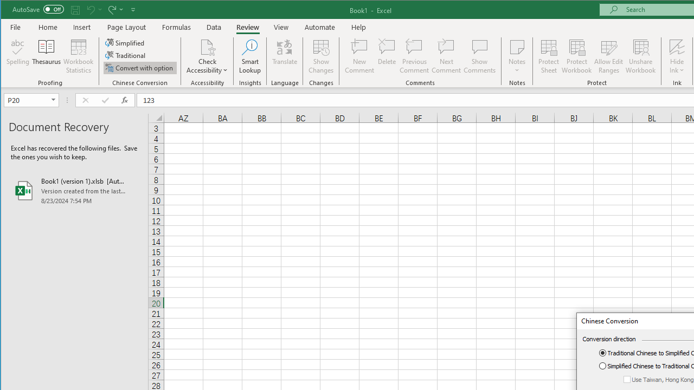 The width and height of the screenshot is (694, 390). What do you see at coordinates (359, 56) in the screenshot?
I see `'New Comment'` at bounding box center [359, 56].